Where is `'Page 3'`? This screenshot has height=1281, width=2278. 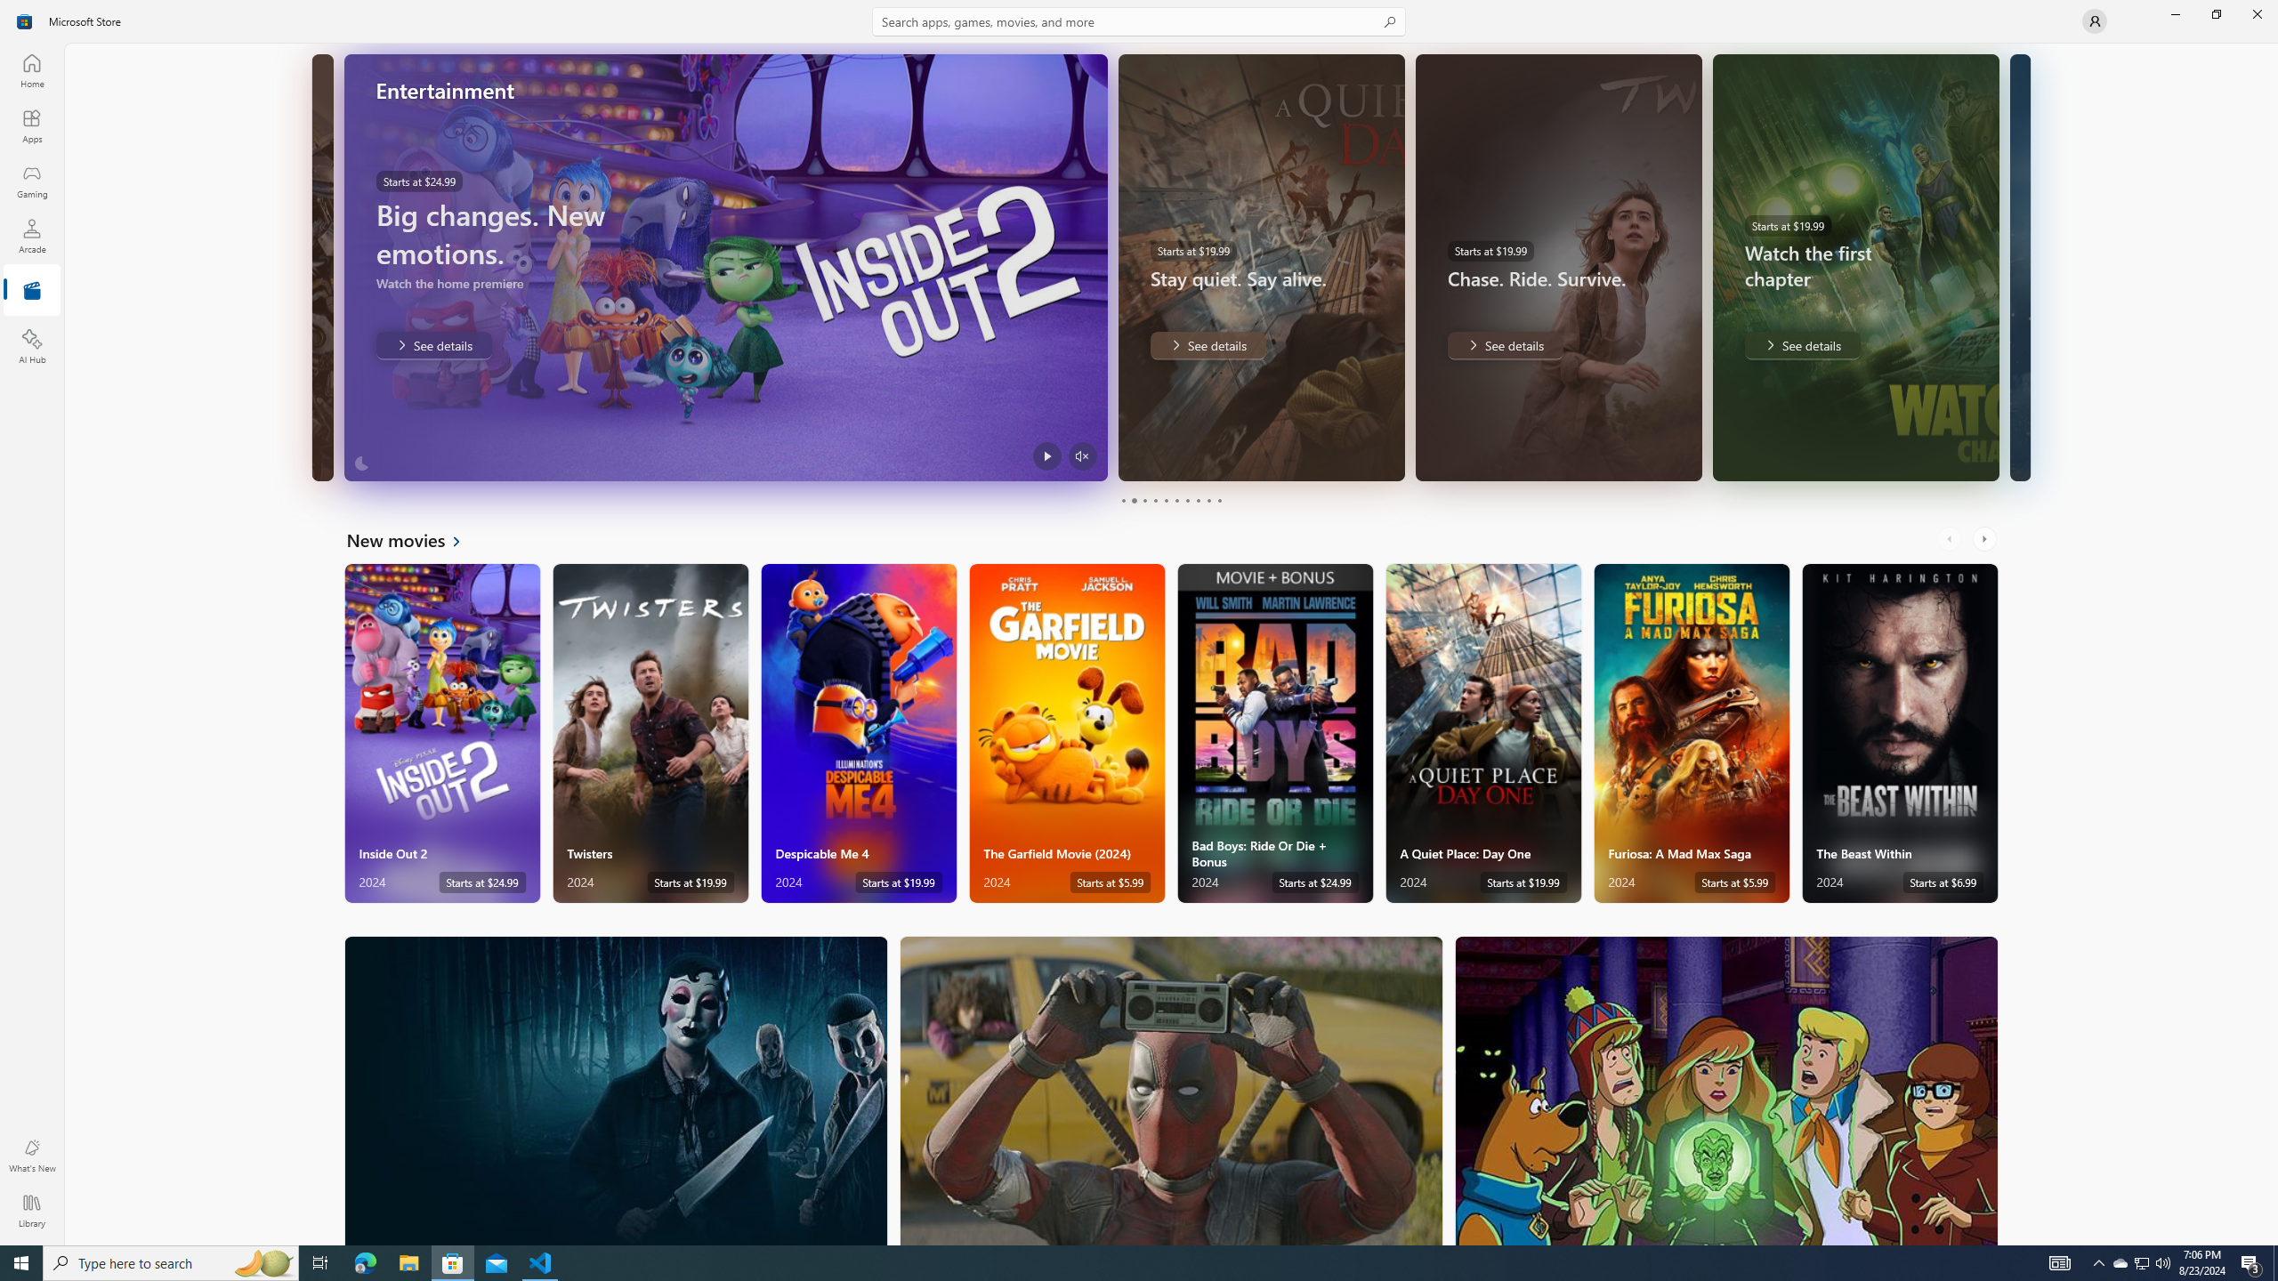 'Page 3' is located at coordinates (1143, 500).